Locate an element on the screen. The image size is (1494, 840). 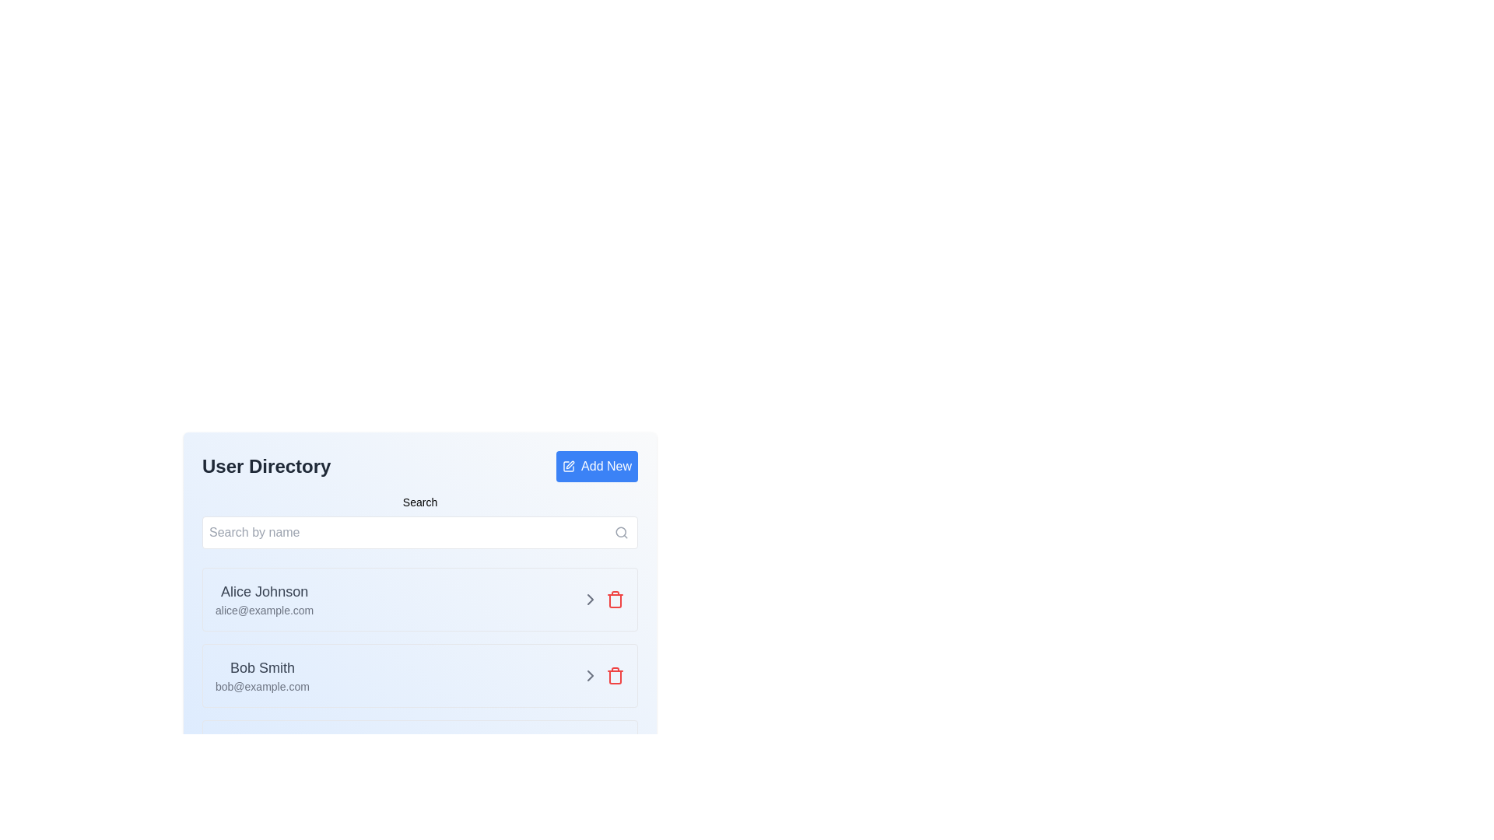
the text label displaying 'Alice Johnson', which is a large, medium bold, gray-colored label located in the first row of the user list is located at coordinates (265, 591).